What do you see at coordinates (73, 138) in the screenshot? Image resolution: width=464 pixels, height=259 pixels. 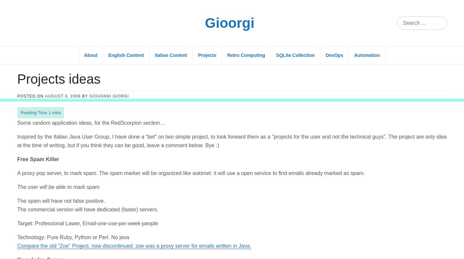 I see `'Technology: Pure Ruby, Python or Perl. No java'` at bounding box center [73, 138].